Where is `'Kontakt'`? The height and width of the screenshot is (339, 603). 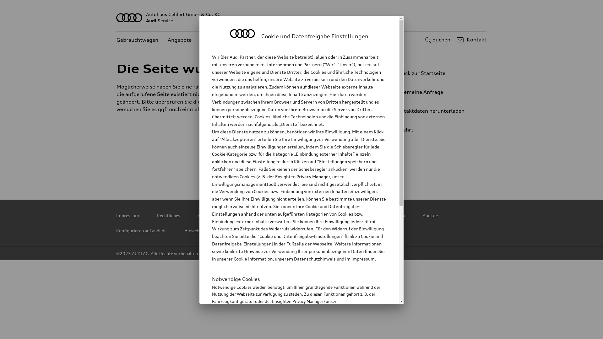 'Kontakt' is located at coordinates (470, 40).